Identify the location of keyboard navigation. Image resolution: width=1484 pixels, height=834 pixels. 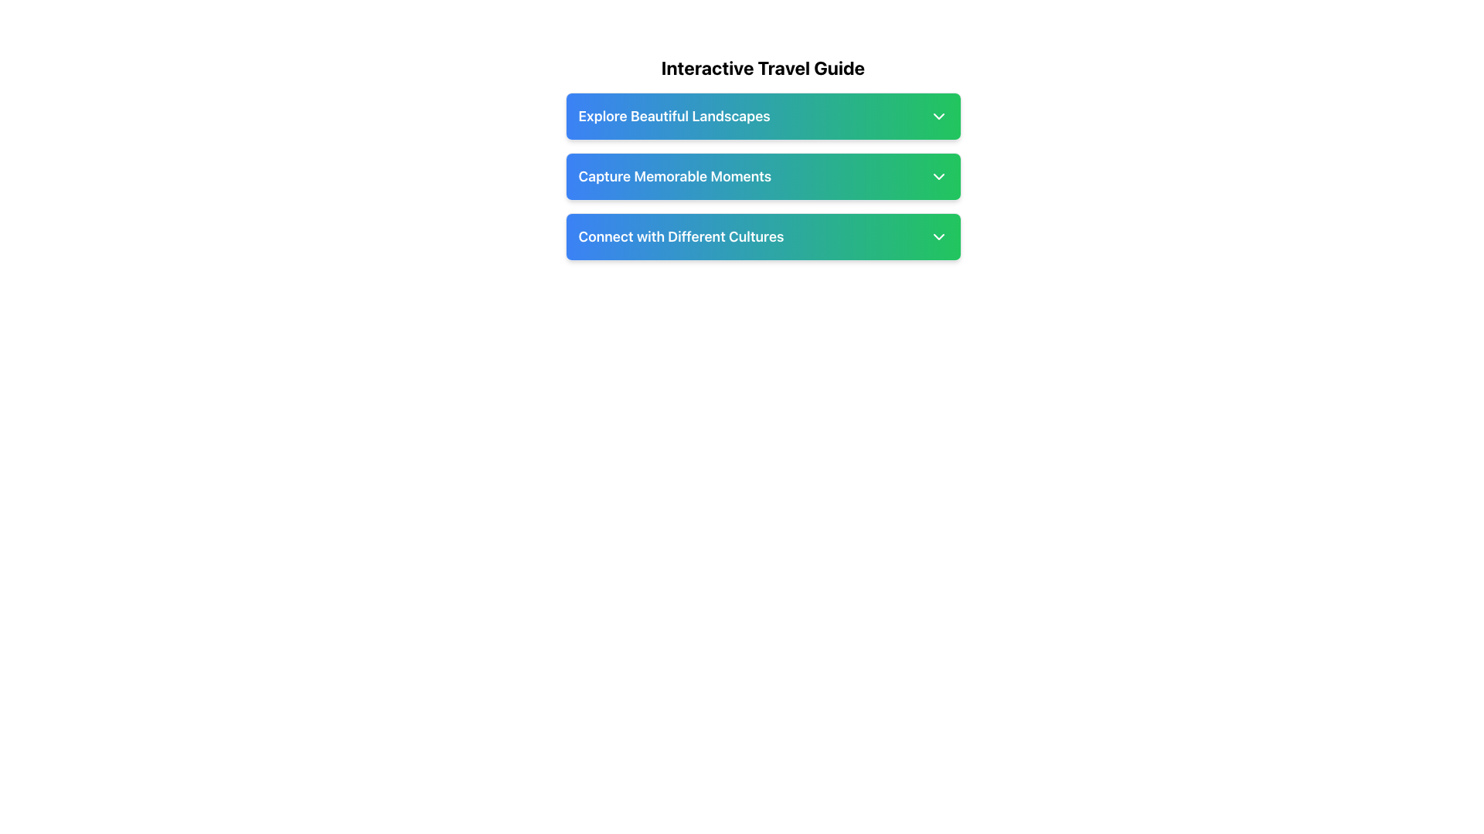
(763, 175).